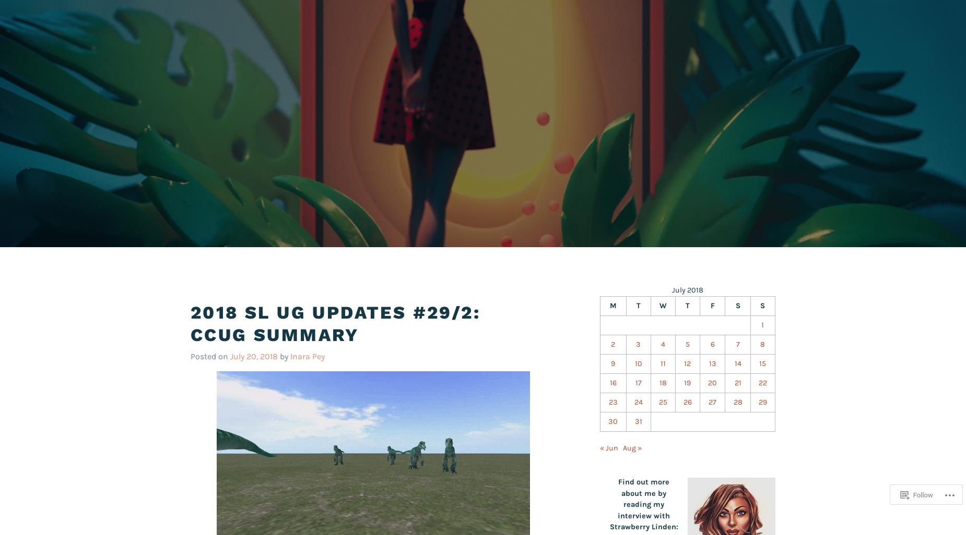 Image resolution: width=966 pixels, height=535 pixels. What do you see at coordinates (209, 355) in the screenshot?
I see `'Posted on'` at bounding box center [209, 355].